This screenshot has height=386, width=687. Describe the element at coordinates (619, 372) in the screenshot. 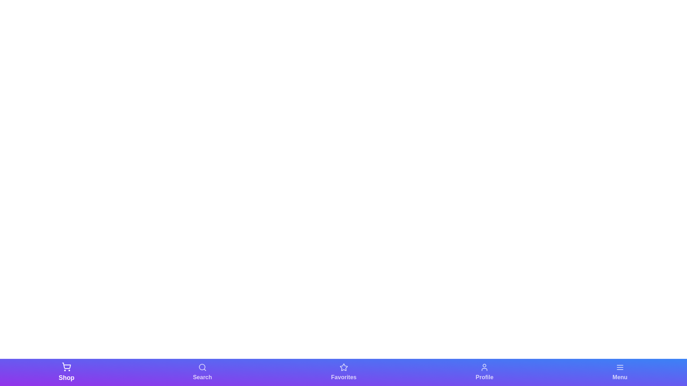

I see `the navigation bar icon corresponding to Menu` at that location.